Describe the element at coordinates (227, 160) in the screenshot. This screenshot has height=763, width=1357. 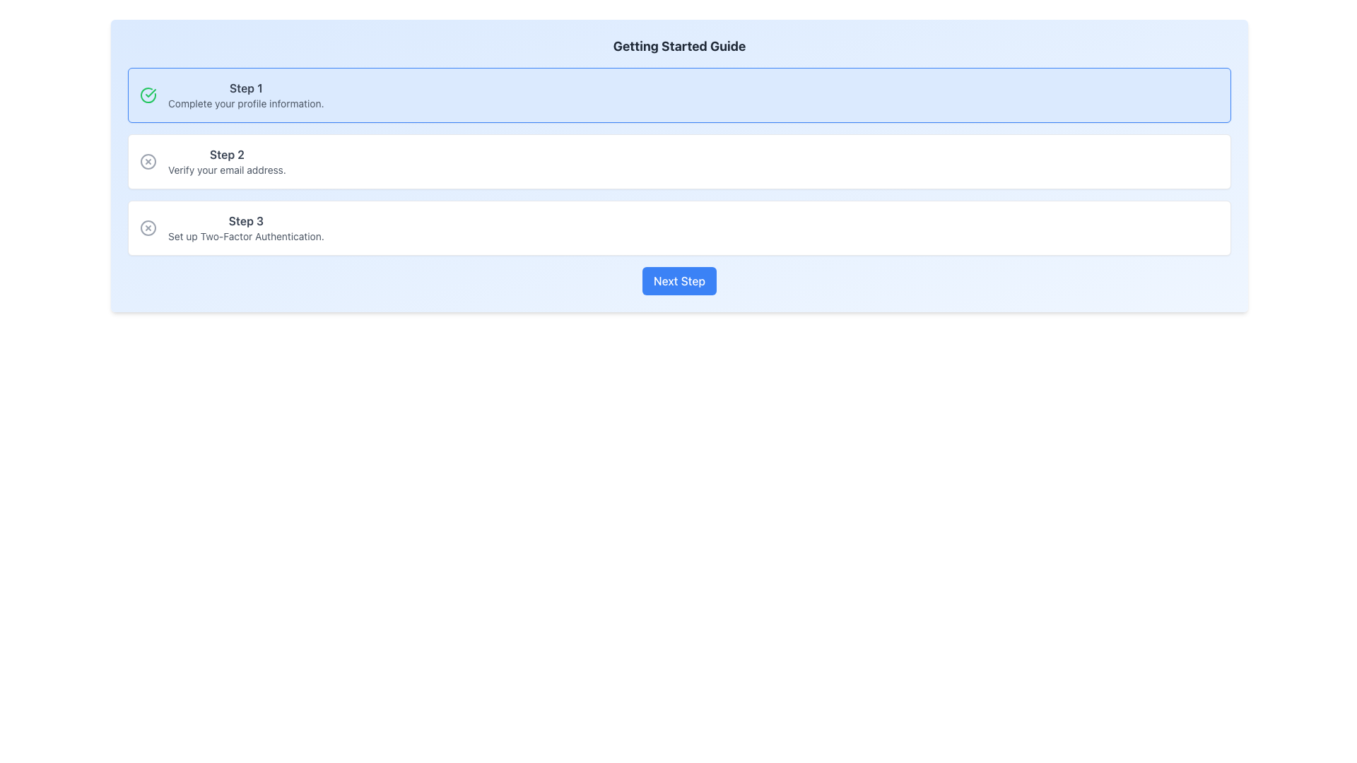
I see `the text block that displays 'Step 2' in bold, medium-sized, gray text and 'Verify your email address.' in smaller, lighter gray text, located in the center-left of the second step panel` at that location.